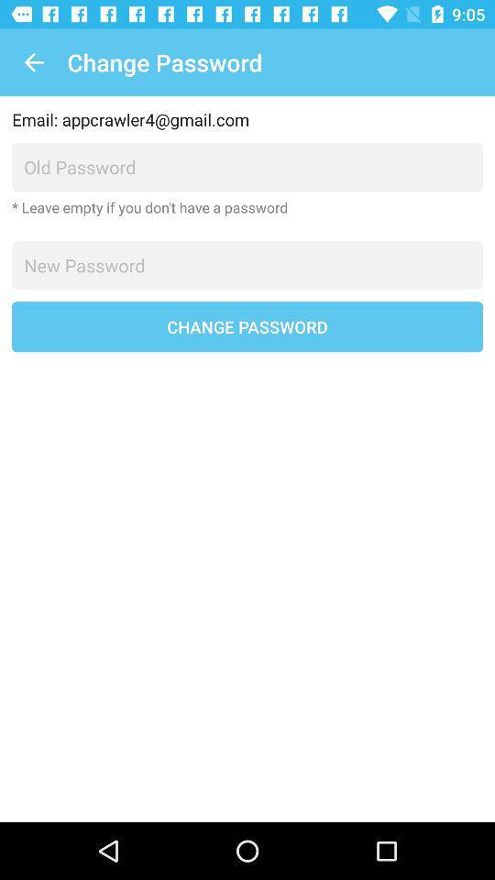 The height and width of the screenshot is (880, 495). I want to click on the item next to change password, so click(33, 62).